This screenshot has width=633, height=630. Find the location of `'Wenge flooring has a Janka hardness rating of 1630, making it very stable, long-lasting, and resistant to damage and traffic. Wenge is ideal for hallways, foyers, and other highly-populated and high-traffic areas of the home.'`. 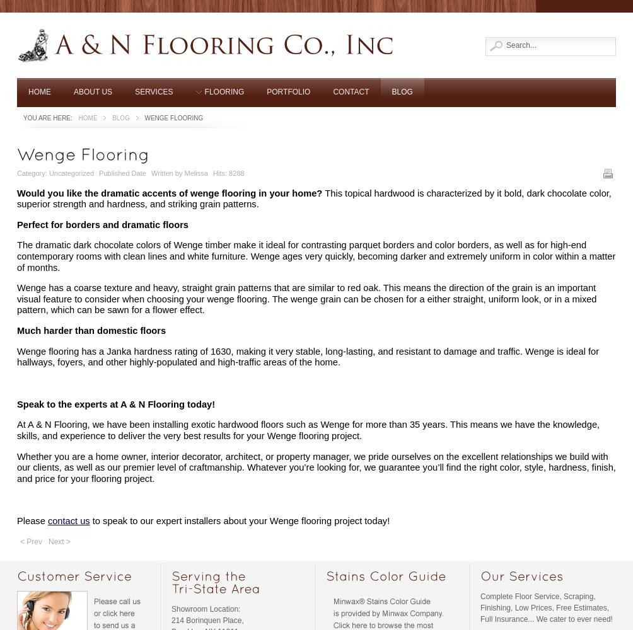

'Wenge flooring has a Janka hardness rating of 1630, making it very stable, long-lasting, and resistant to damage and traffic. Wenge is ideal for hallways, foyers, and other highly-populated and high-traffic areas of the home.' is located at coordinates (17, 356).